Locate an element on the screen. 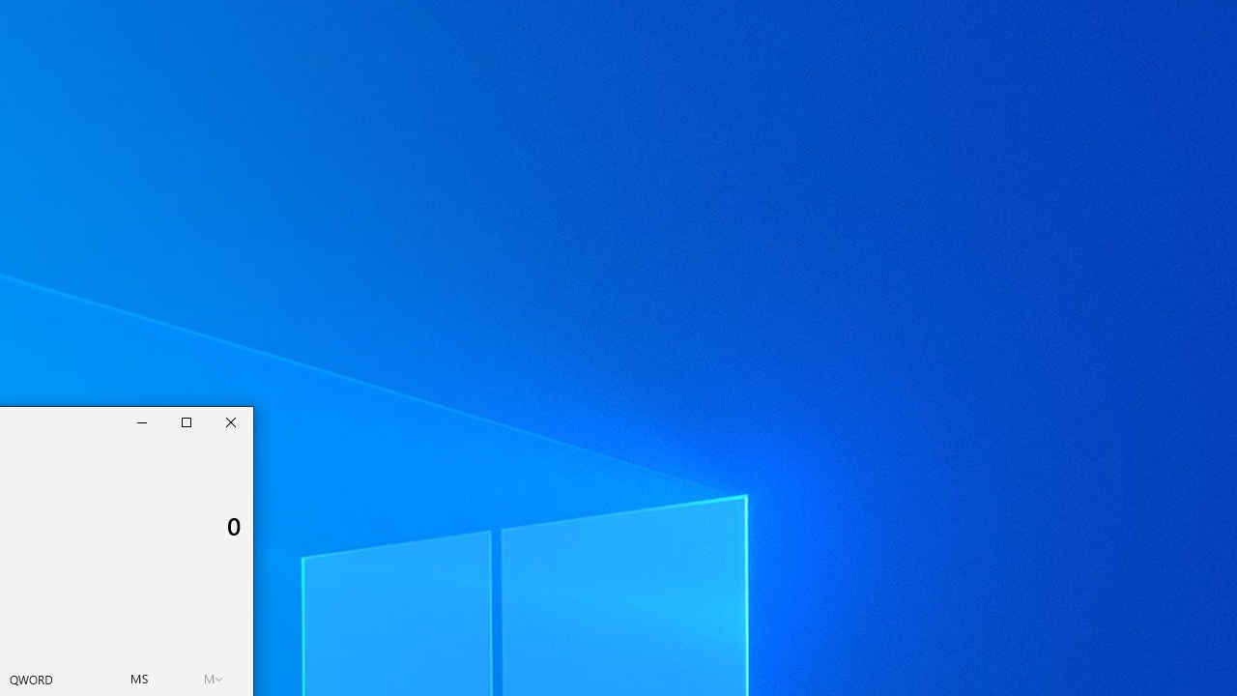  'Close Calculator' is located at coordinates (231, 421).